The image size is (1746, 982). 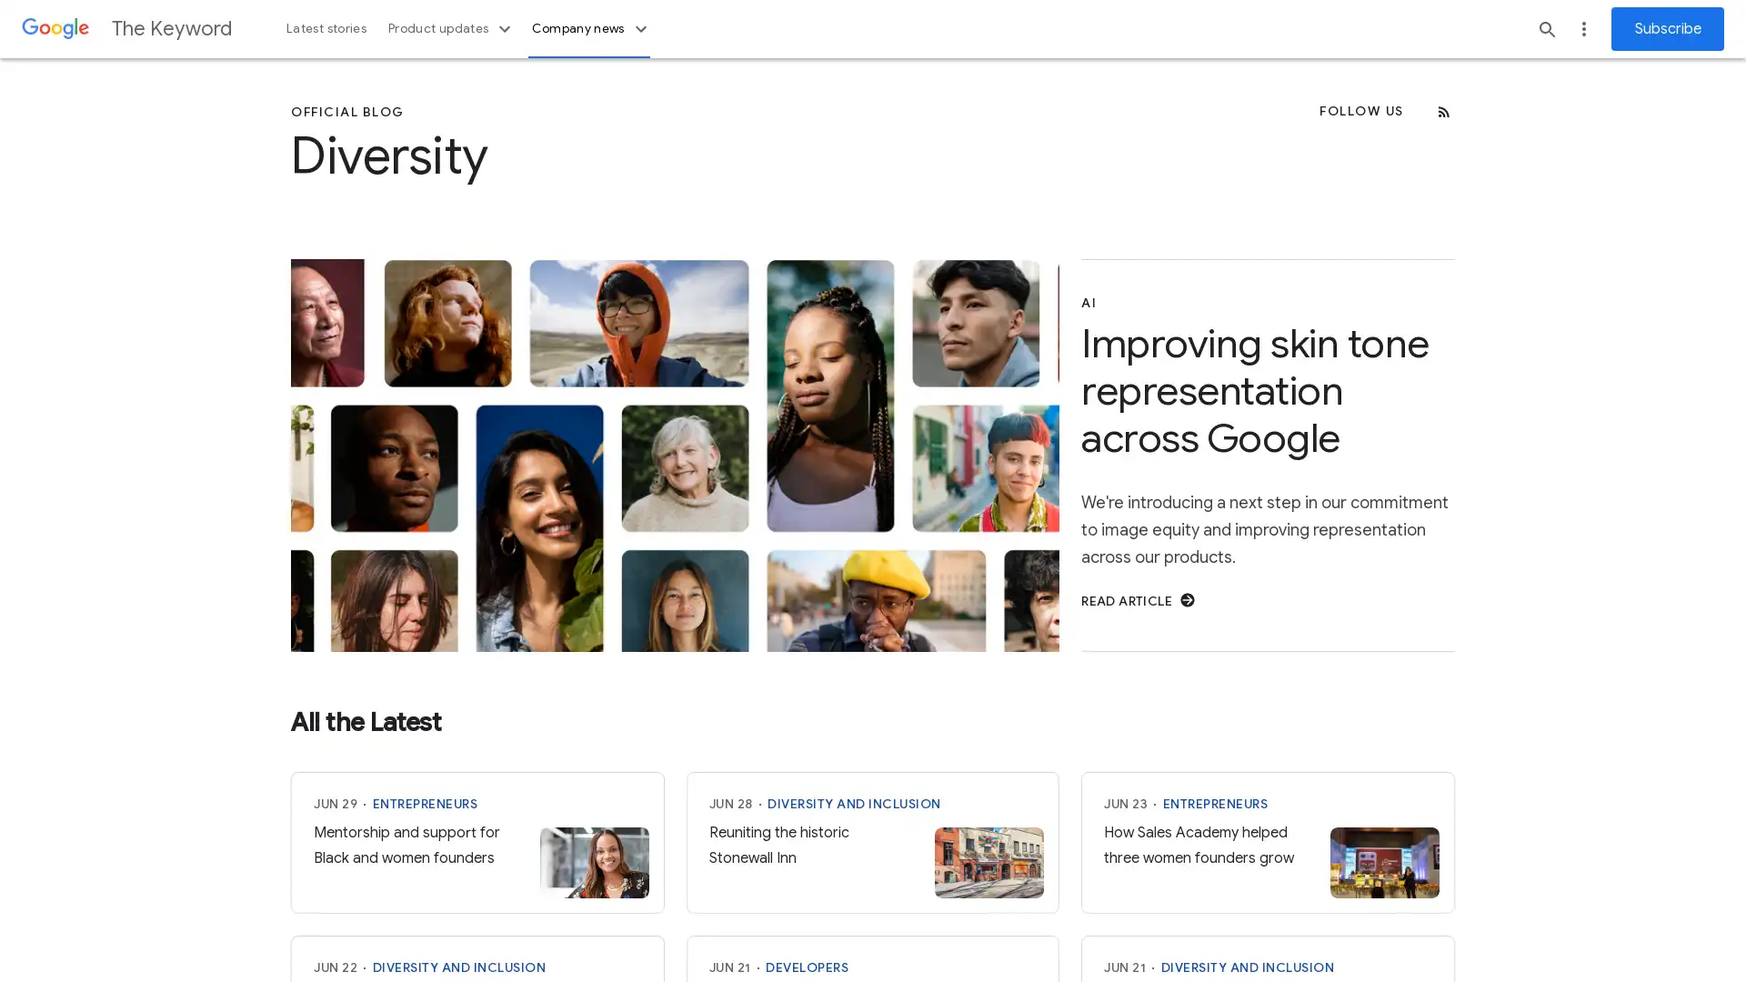 I want to click on Secondary menu, so click(x=1583, y=28).